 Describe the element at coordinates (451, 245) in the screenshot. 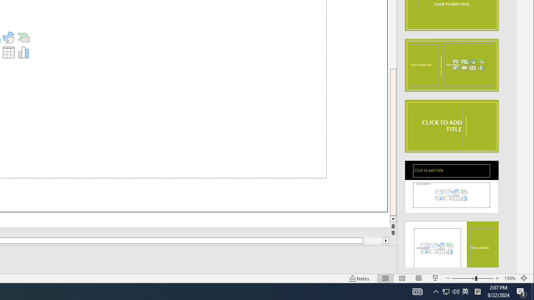

I see `'Design Idea'` at that location.